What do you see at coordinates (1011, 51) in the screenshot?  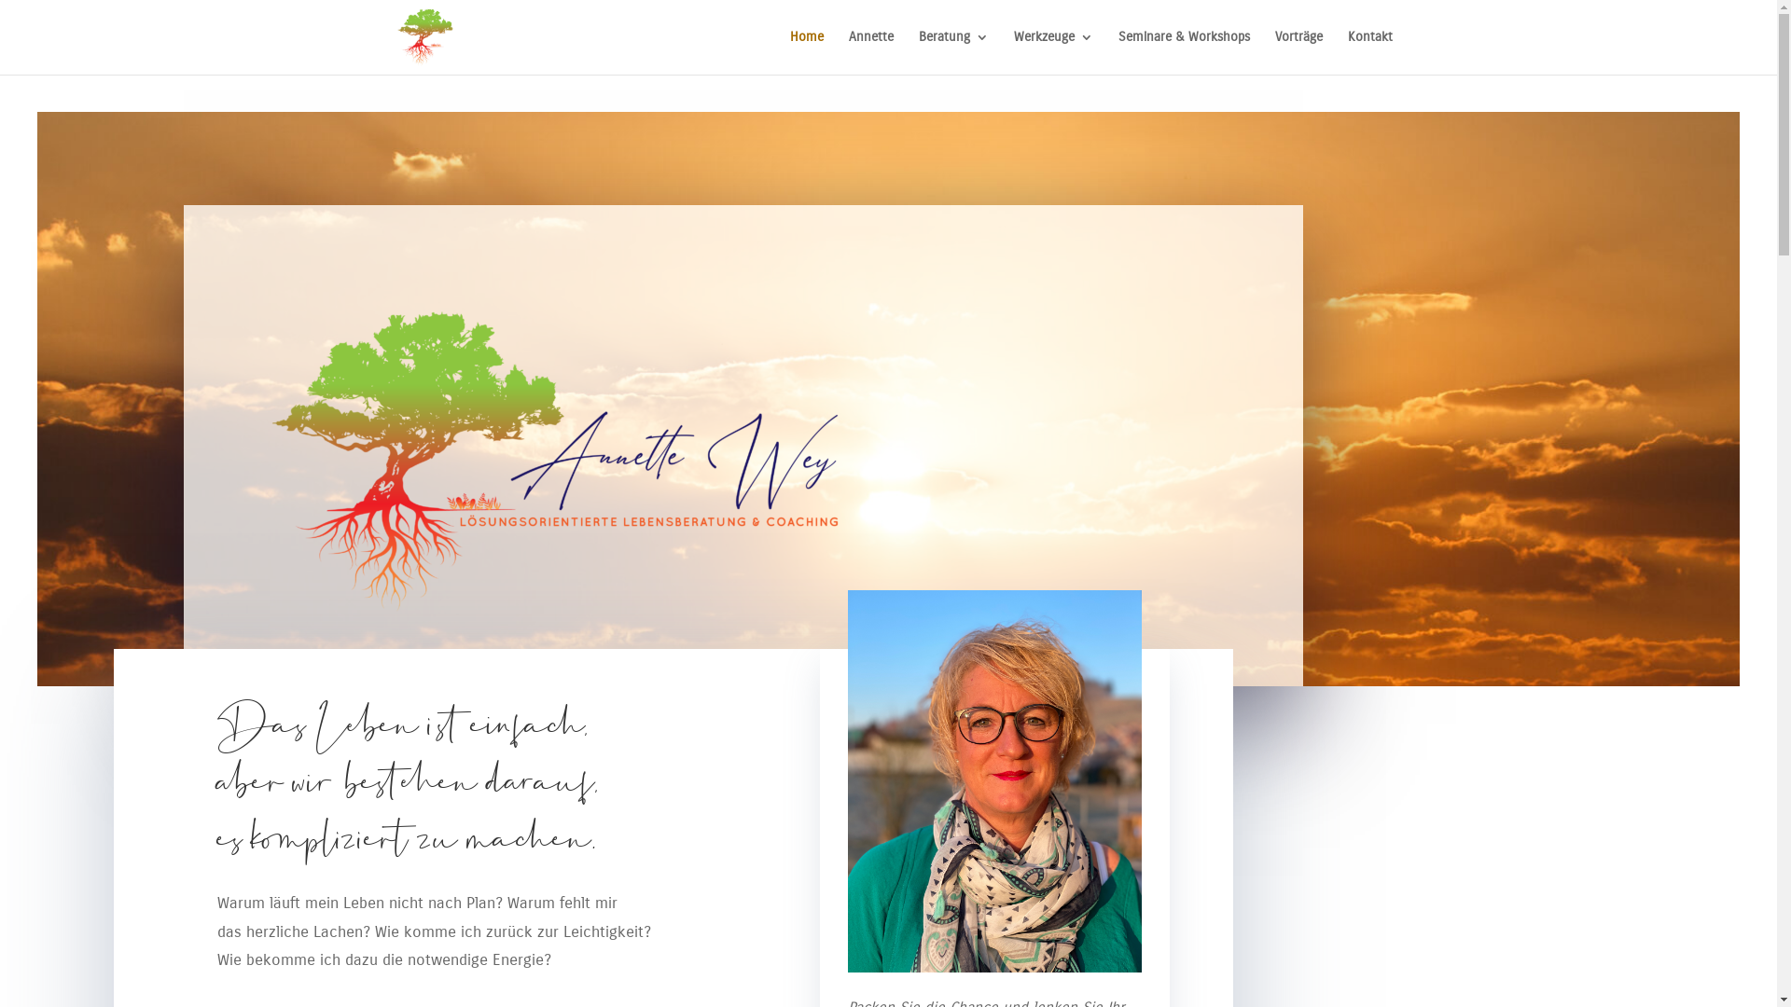 I see `'Werkzeuge'` at bounding box center [1011, 51].